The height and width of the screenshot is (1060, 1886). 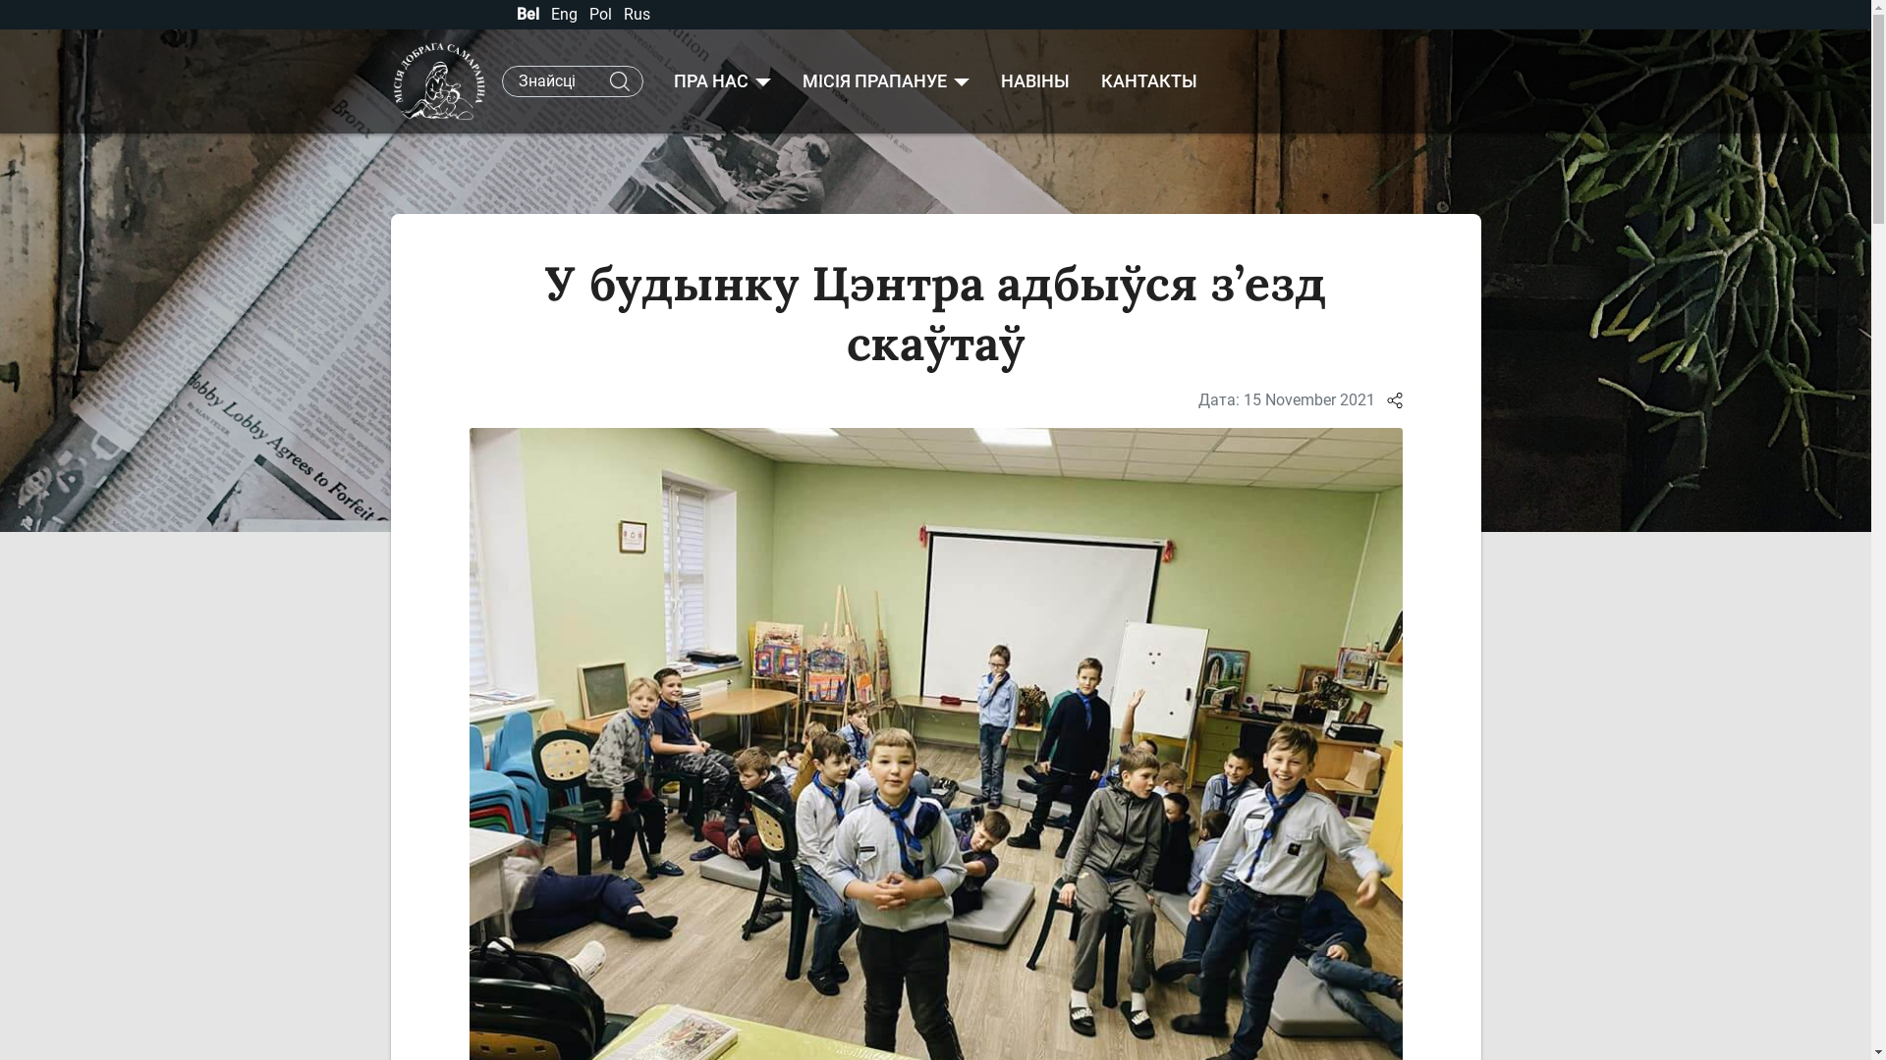 I want to click on 'Bel', so click(x=529, y=14).